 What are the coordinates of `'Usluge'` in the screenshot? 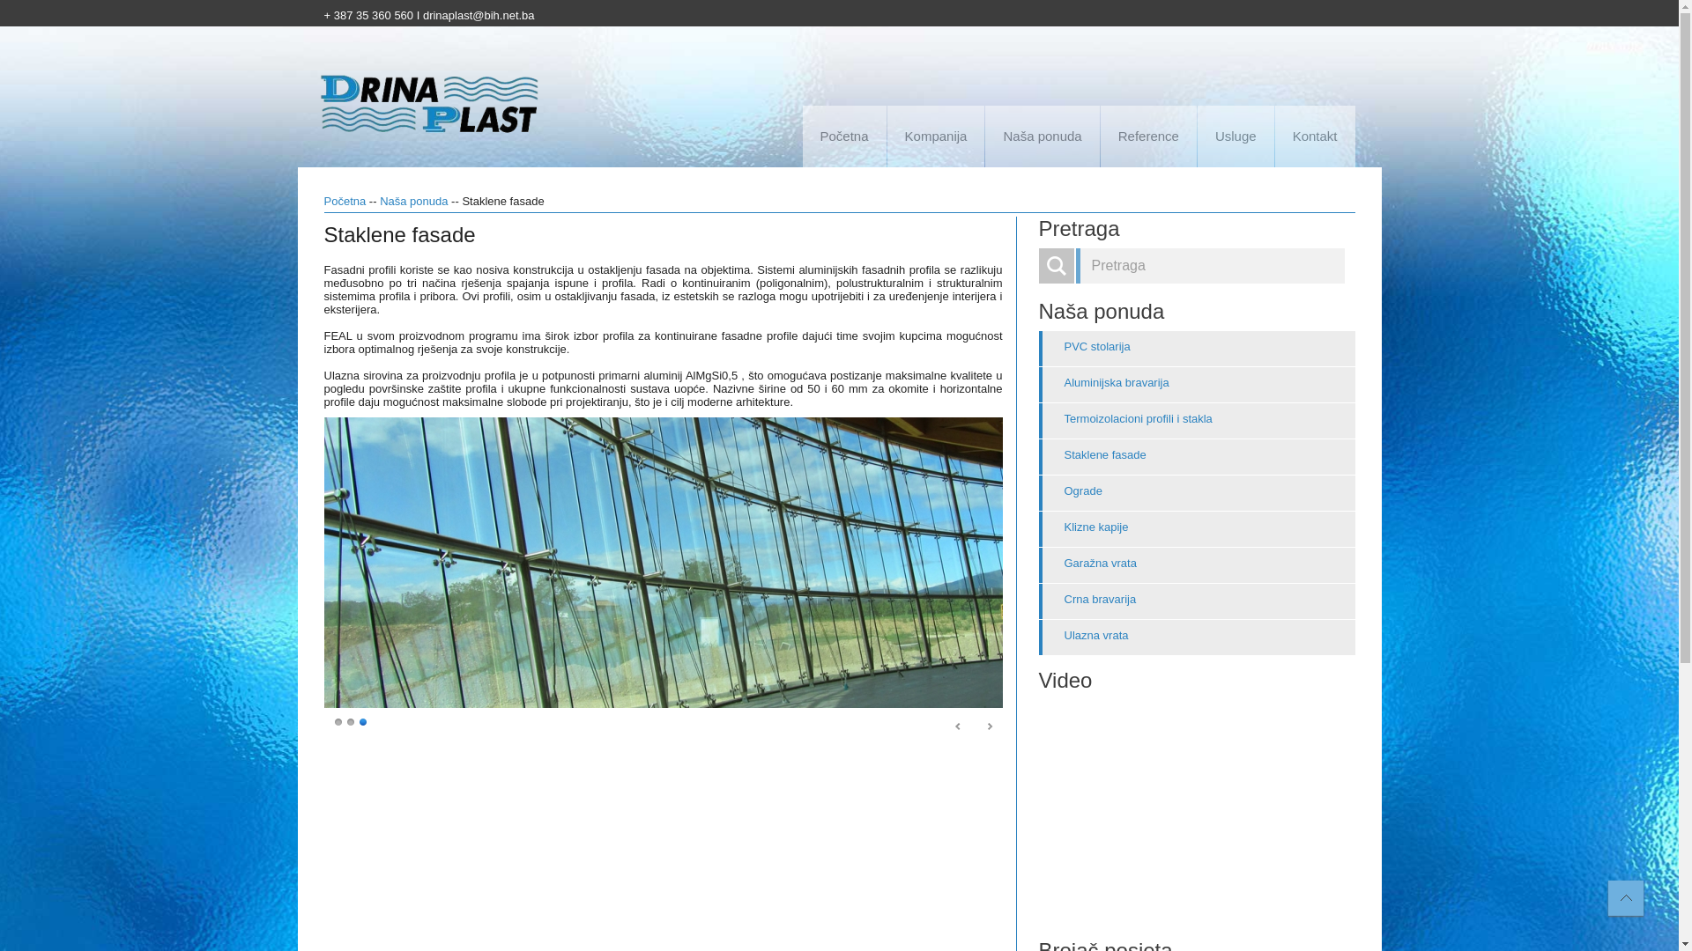 It's located at (1235, 135).